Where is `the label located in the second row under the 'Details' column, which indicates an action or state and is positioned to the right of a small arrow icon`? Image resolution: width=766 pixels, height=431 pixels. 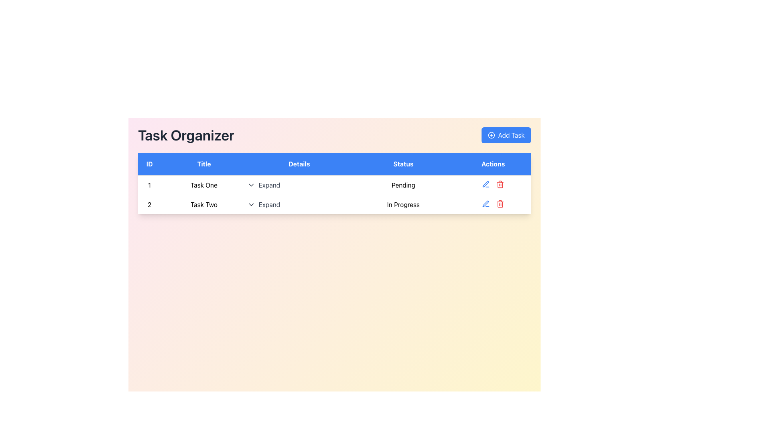
the label located in the second row under the 'Details' column, which indicates an action or state and is positioned to the right of a small arrow icon is located at coordinates (269, 185).